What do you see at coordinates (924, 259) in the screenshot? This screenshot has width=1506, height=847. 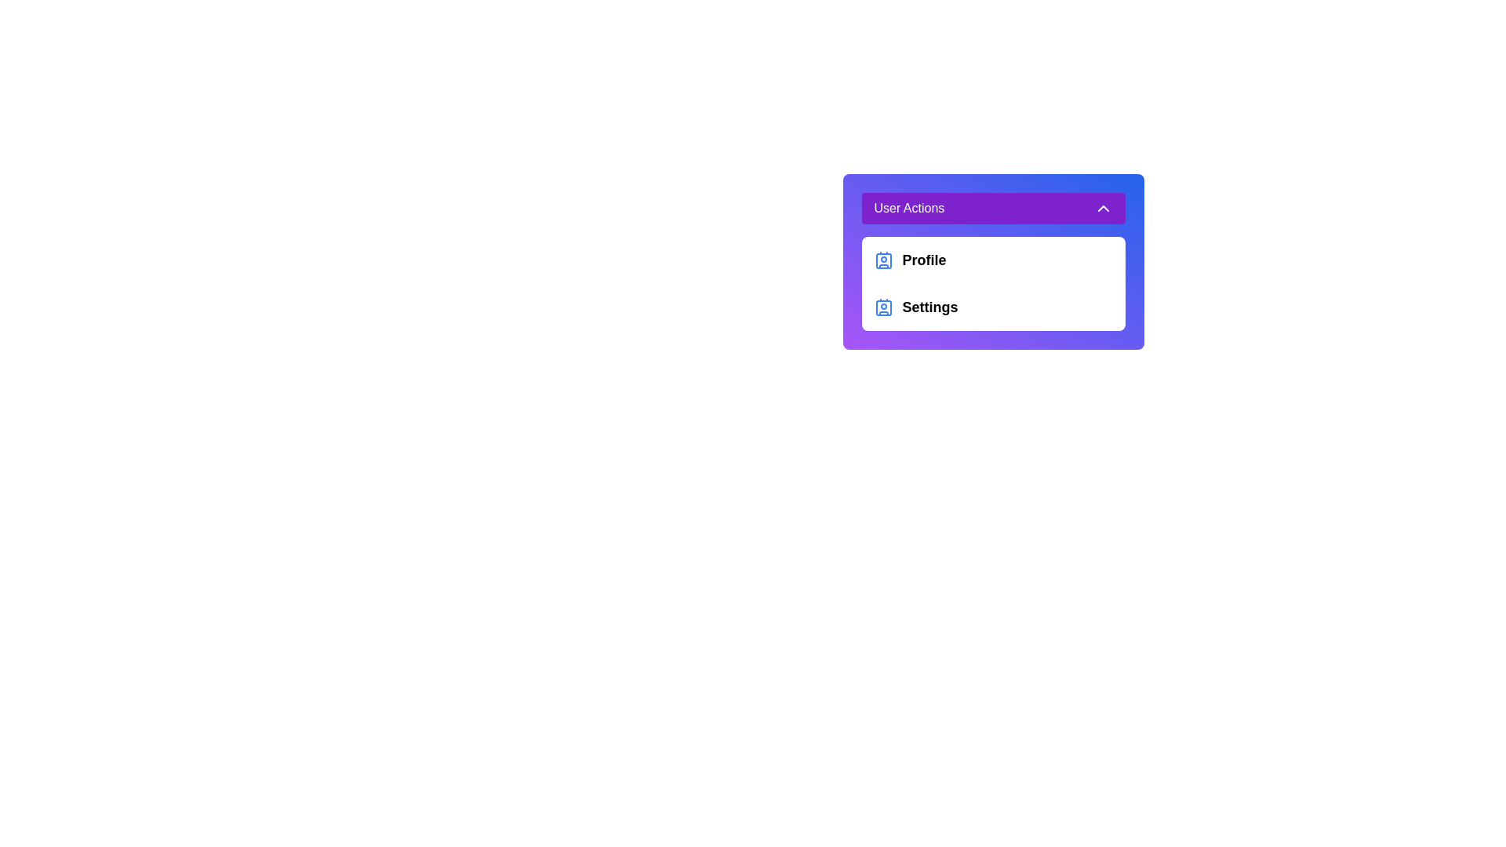 I see `the 'Profile' static text label, which is displayed in bold with a larger font size, located in the dropdown menu under 'User Actions'` at bounding box center [924, 259].